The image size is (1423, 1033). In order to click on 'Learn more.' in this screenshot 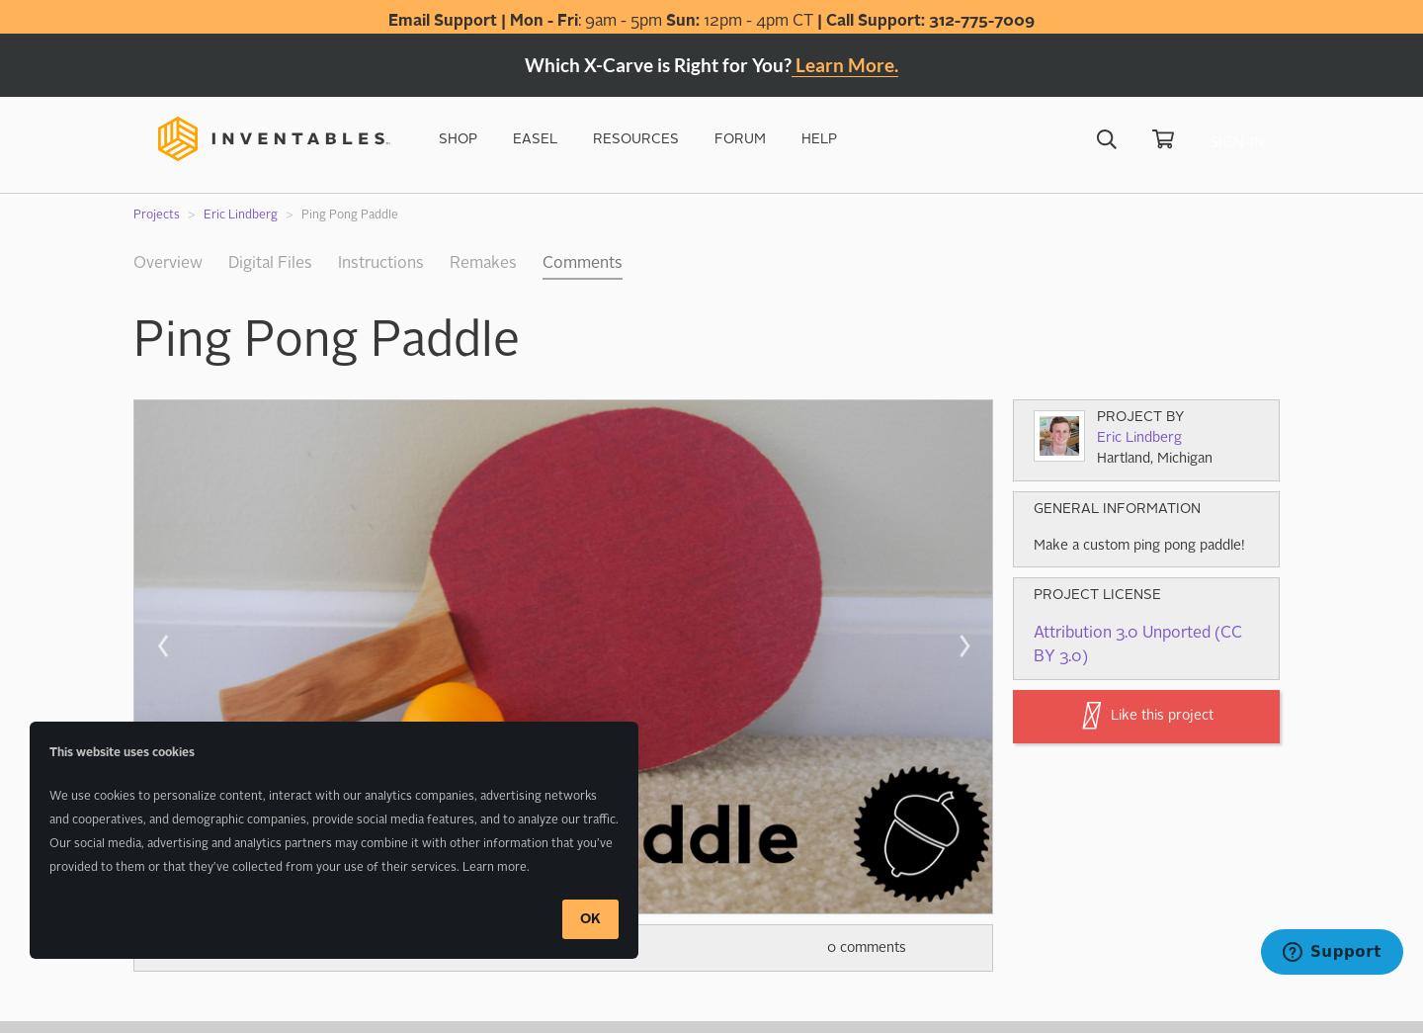, I will do `click(462, 868)`.